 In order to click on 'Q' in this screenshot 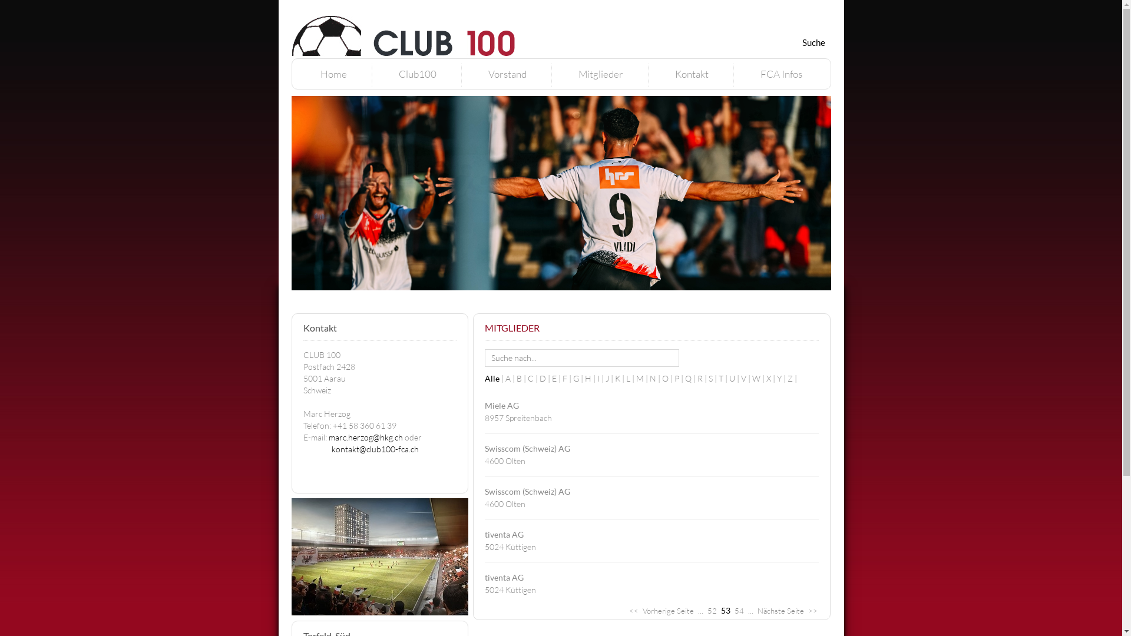, I will do `click(690, 378)`.